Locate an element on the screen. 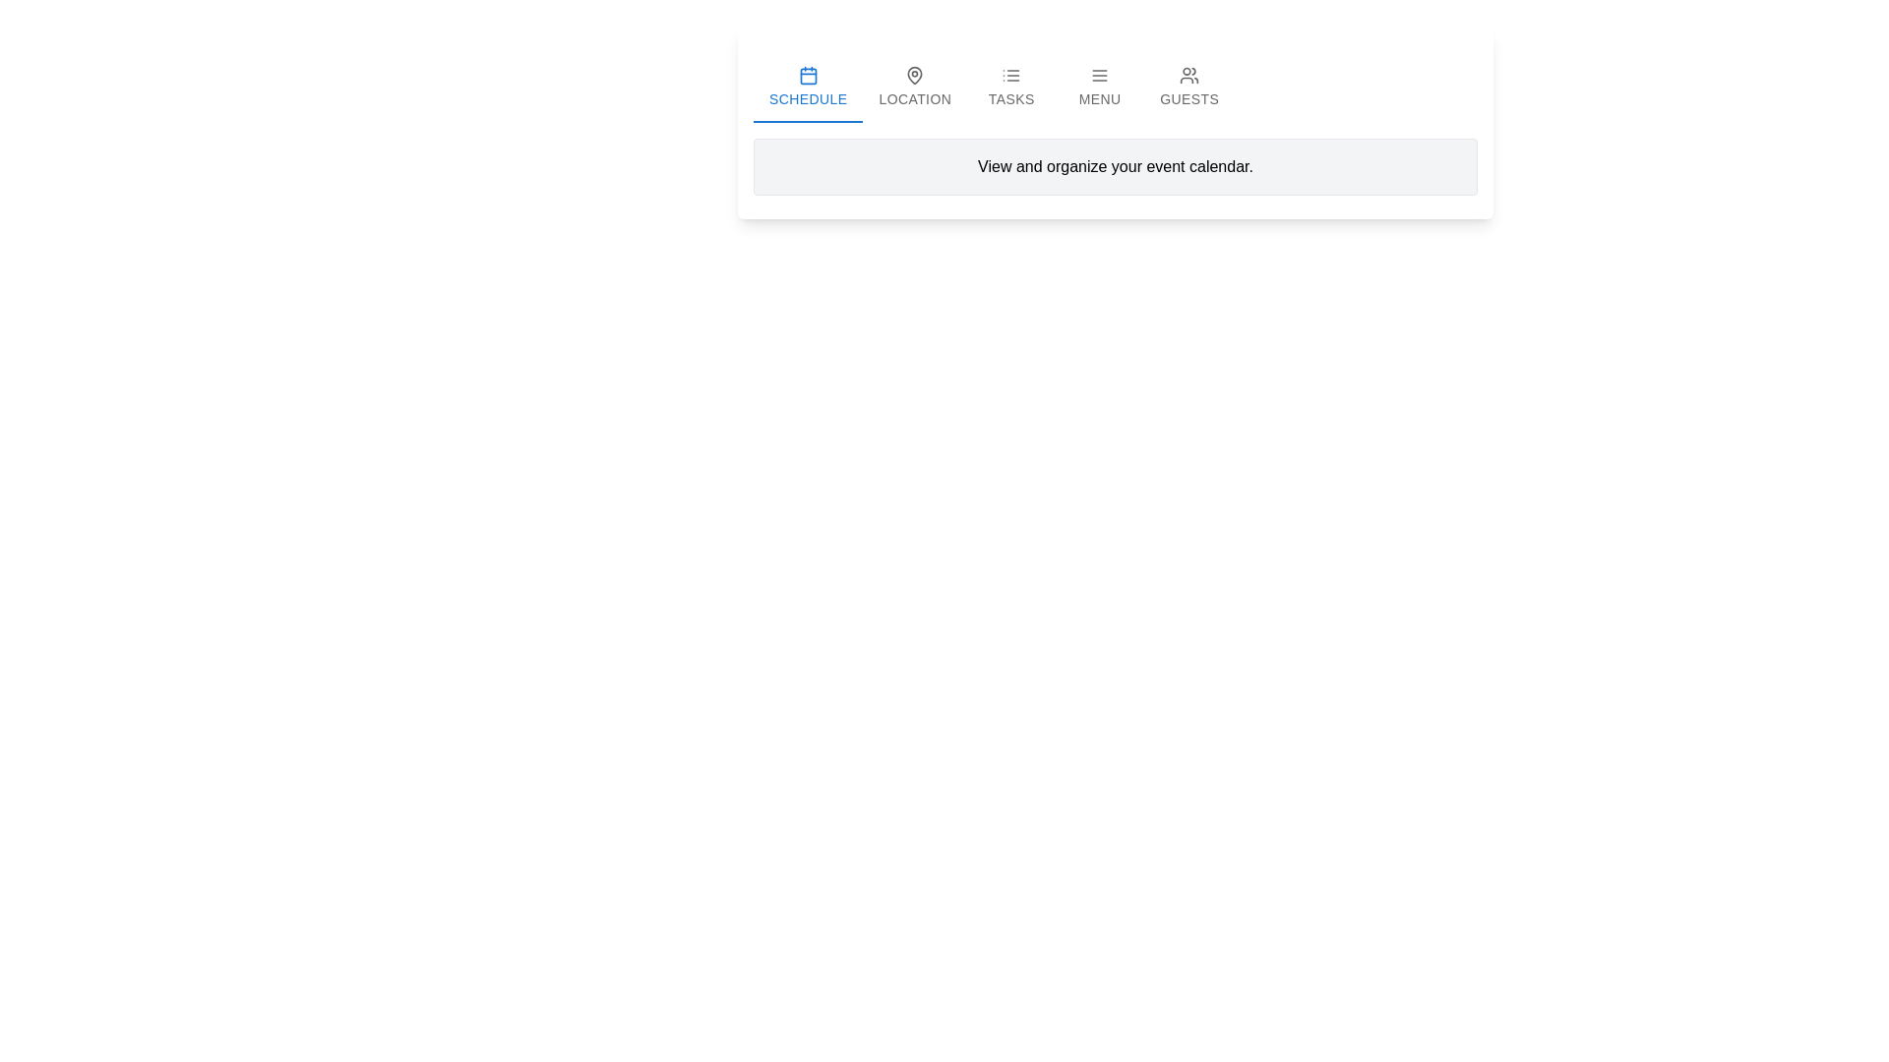 This screenshot has width=1889, height=1062. the 'Guests' tab button in the navigation bar is located at coordinates (1188, 86).